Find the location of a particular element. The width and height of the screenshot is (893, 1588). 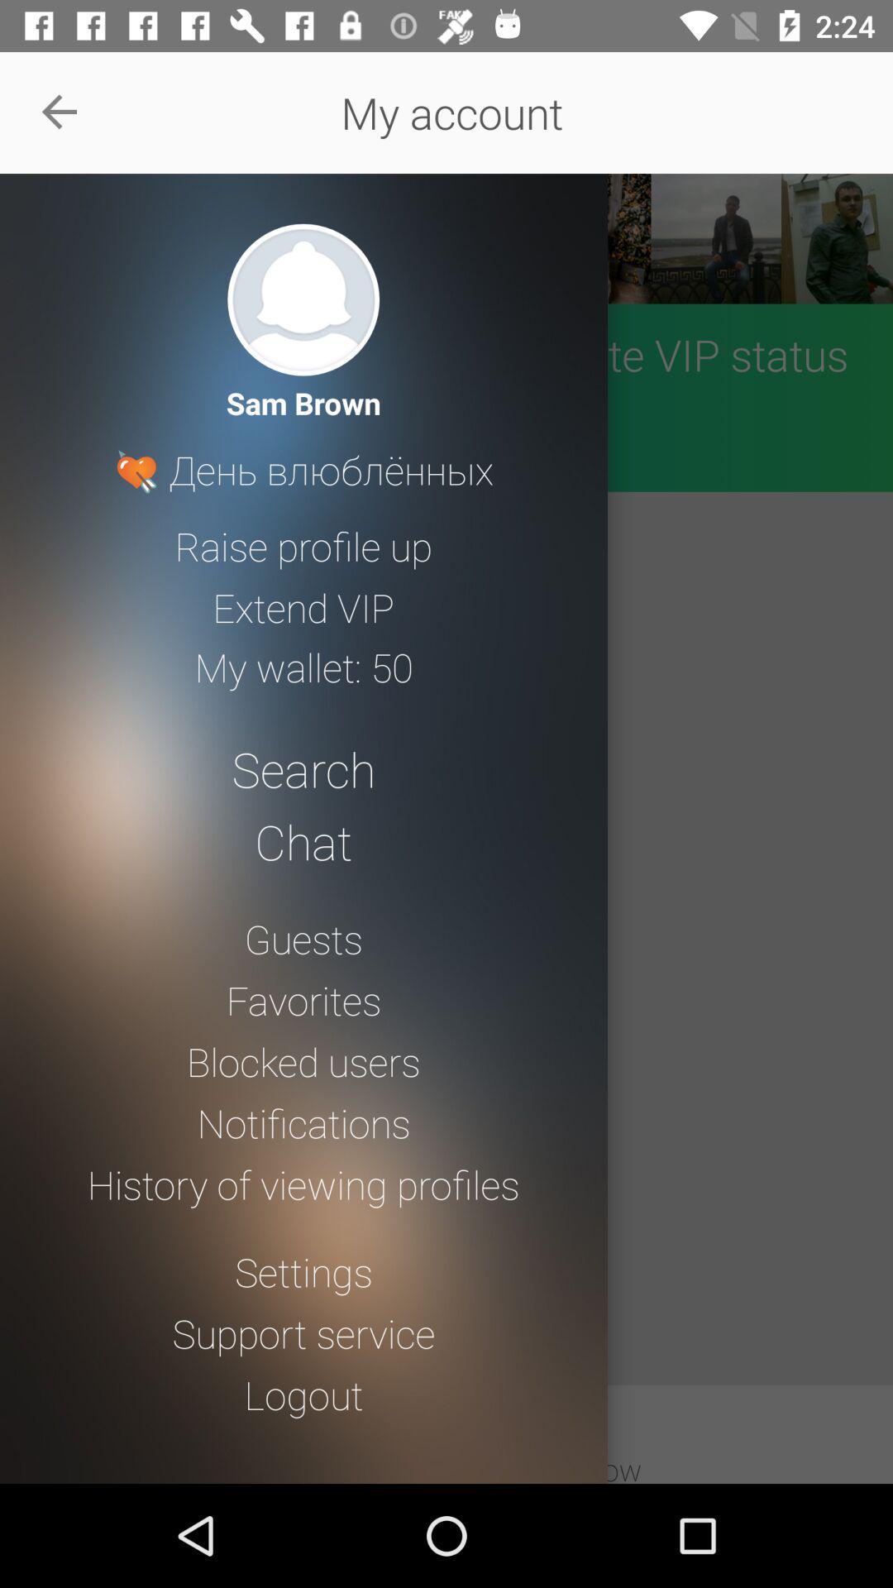

the option above settings is located at coordinates (303, 1183).